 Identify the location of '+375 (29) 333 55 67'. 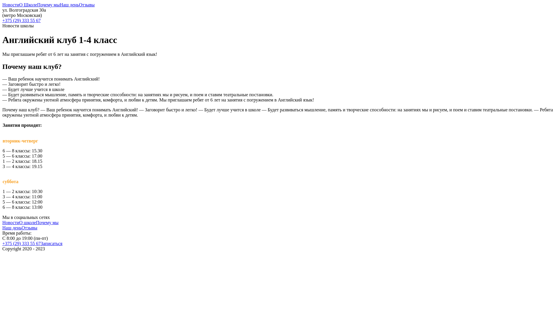
(21, 243).